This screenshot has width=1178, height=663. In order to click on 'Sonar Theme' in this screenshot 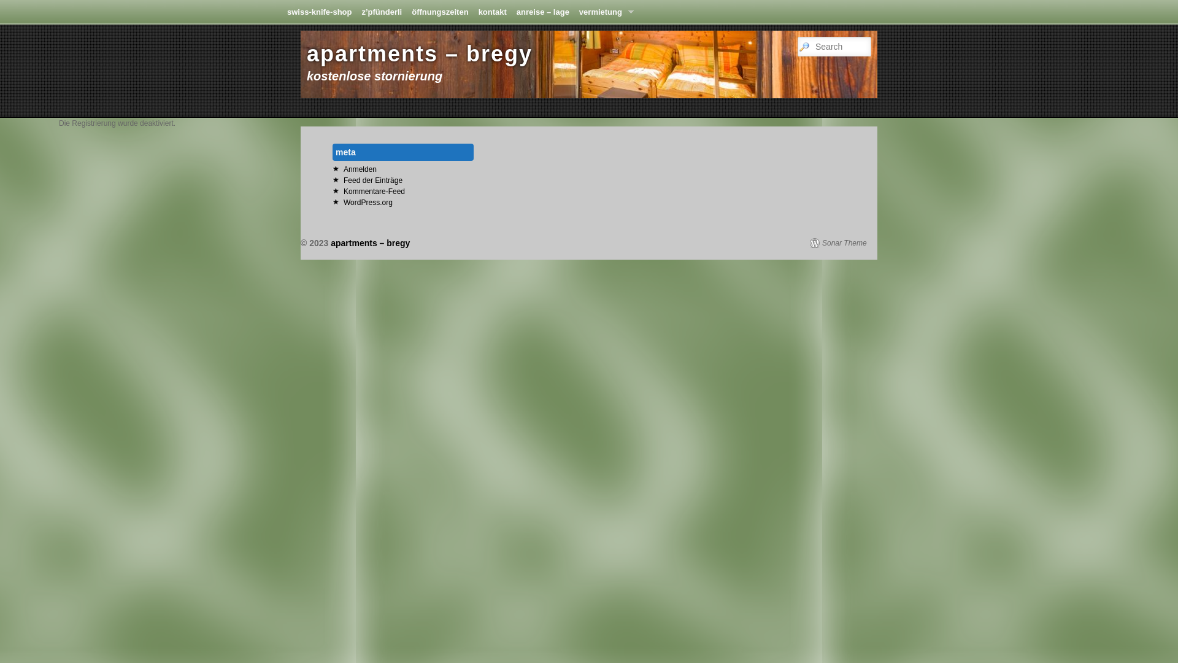, I will do `click(810, 243)`.